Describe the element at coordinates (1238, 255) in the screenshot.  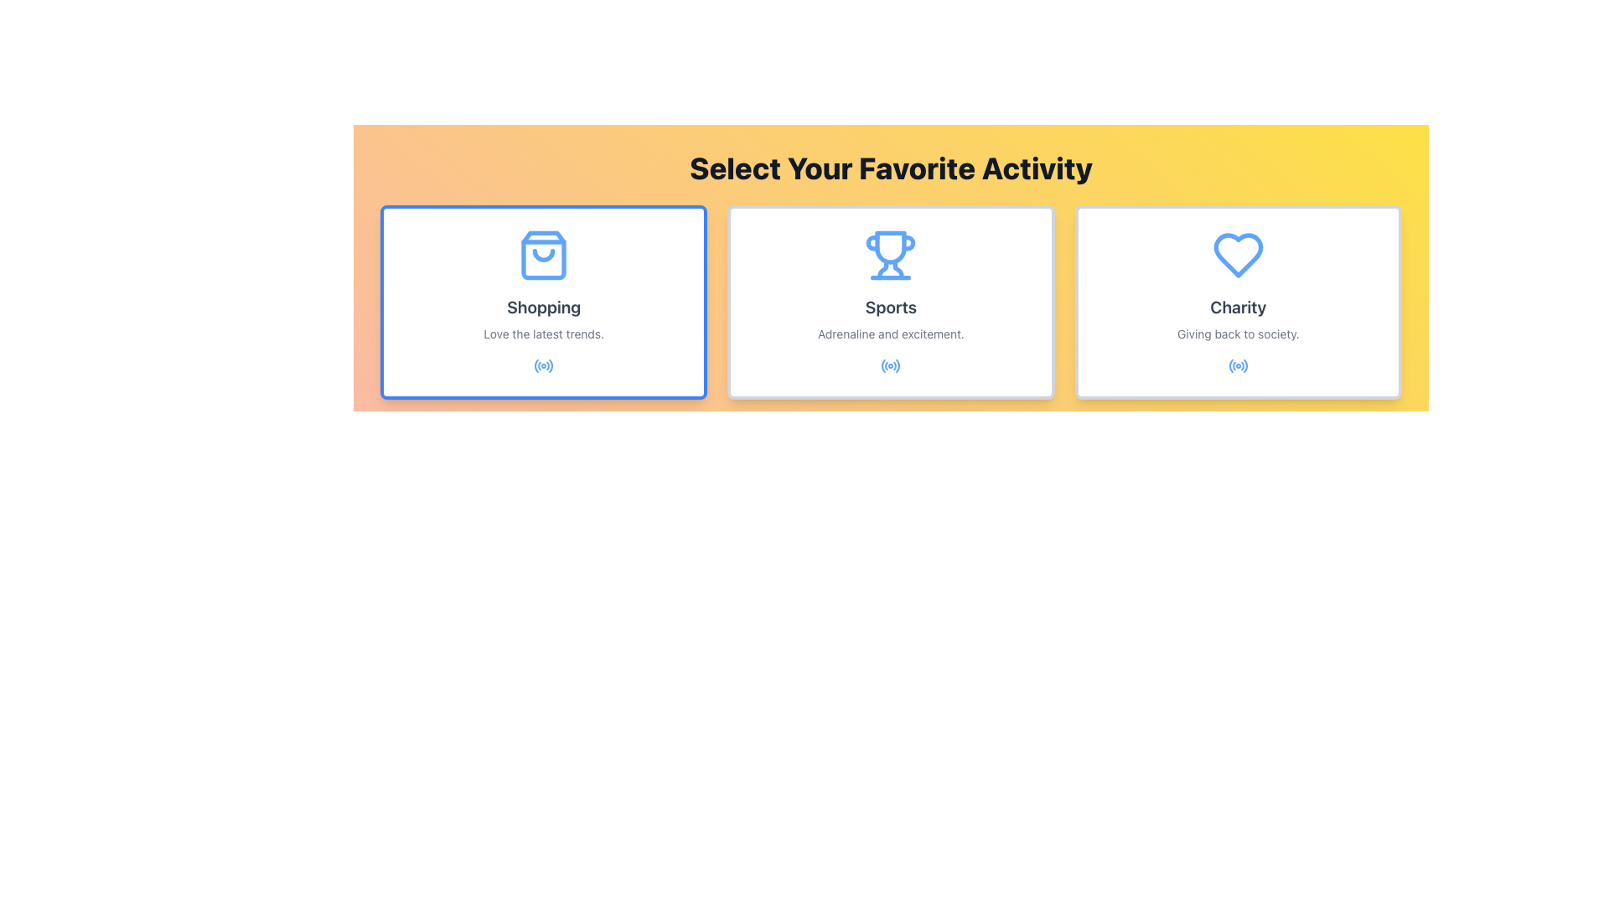
I see `the heart-shaped icon outlined in blue, which is located in the 'Charity' section of the card layout, positioned centrally within the third card of three horizontally-aligned cards` at that location.